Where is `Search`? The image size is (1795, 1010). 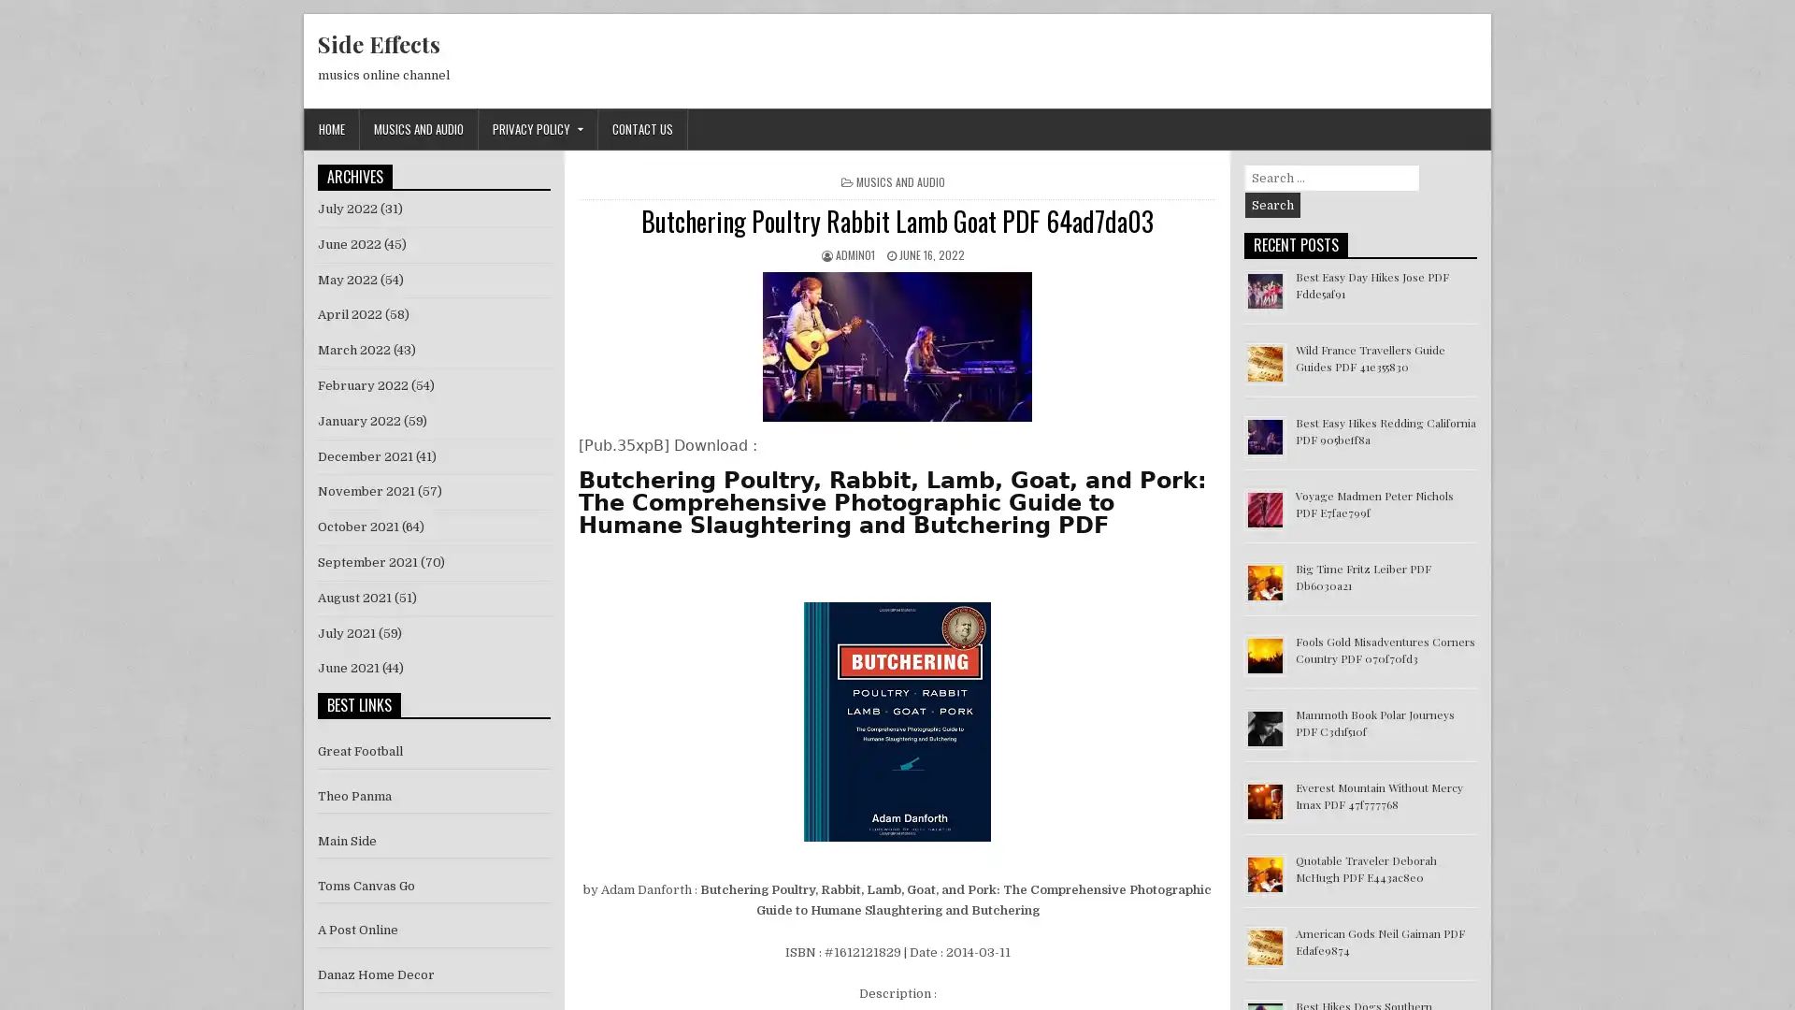 Search is located at coordinates (1271, 205).